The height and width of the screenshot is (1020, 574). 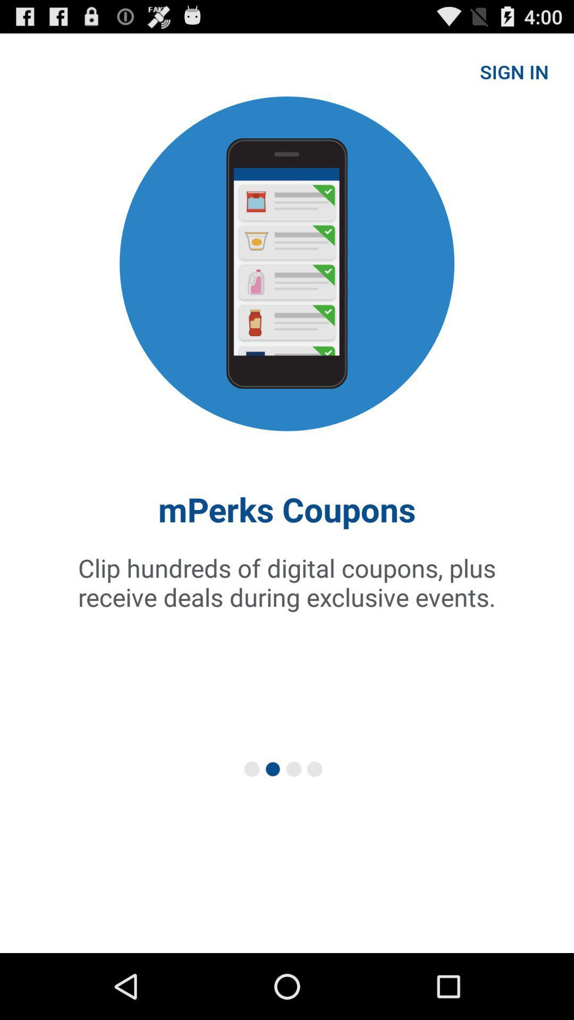 I want to click on the sign in item, so click(x=513, y=71).